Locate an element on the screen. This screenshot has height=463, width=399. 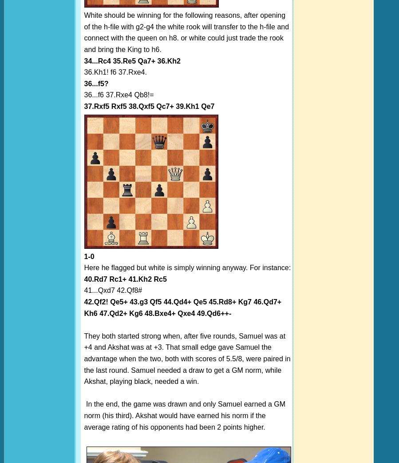
'41...Qxd7
42.Qf8#' is located at coordinates (113, 290).